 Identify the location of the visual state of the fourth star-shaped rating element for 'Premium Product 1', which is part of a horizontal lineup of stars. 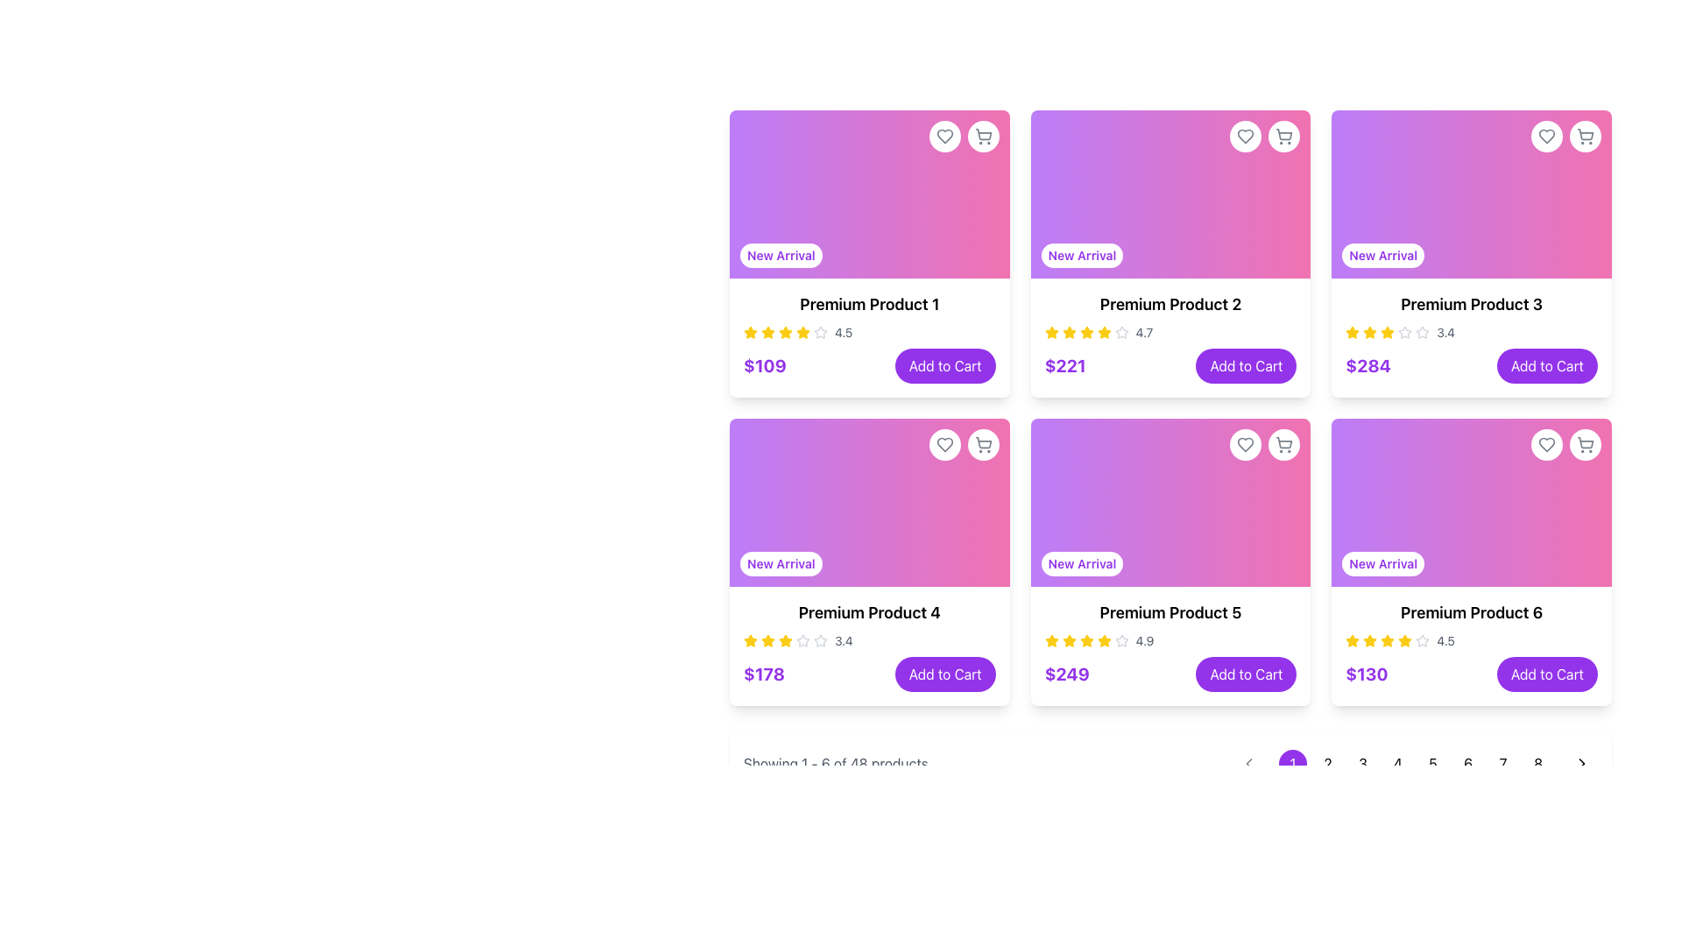
(785, 333).